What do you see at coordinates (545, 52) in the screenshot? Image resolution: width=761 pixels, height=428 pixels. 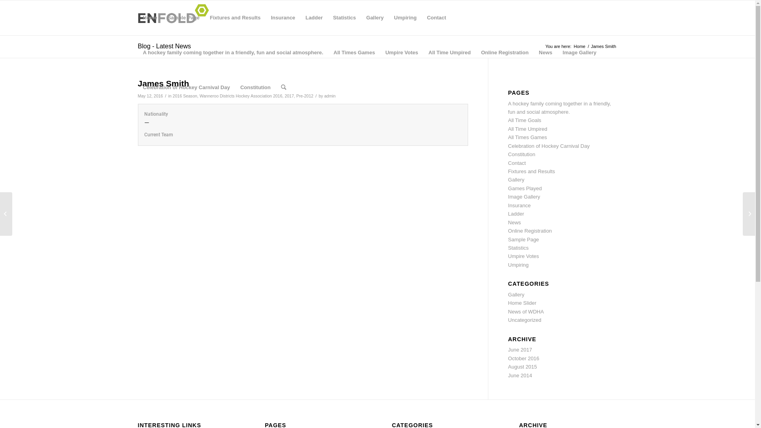 I see `'News'` at bounding box center [545, 52].